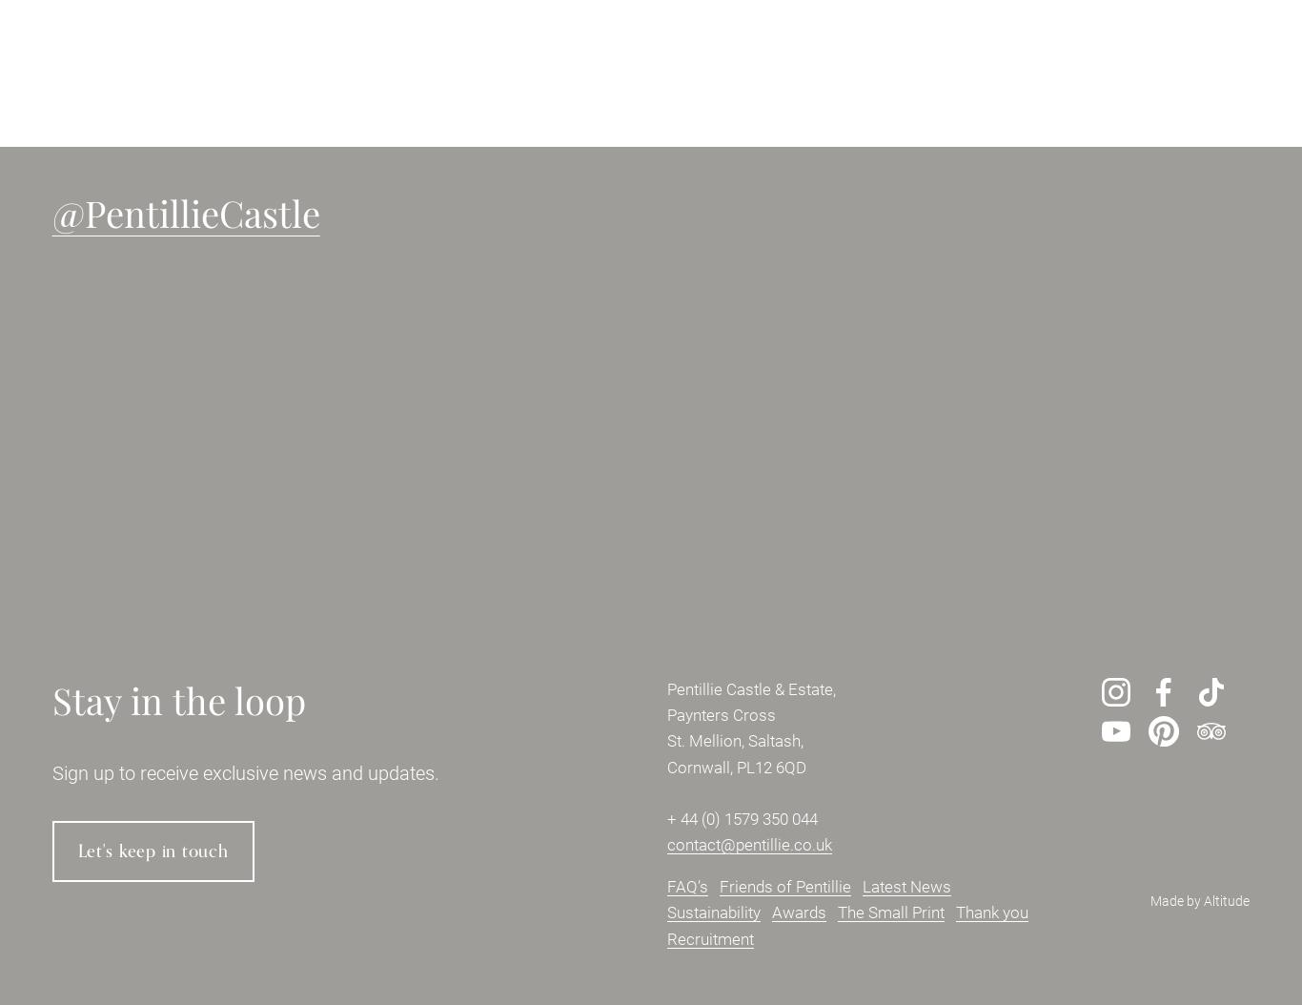 The width and height of the screenshot is (1302, 1005). I want to click on 'Friends of Pentillie', so click(719, 886).